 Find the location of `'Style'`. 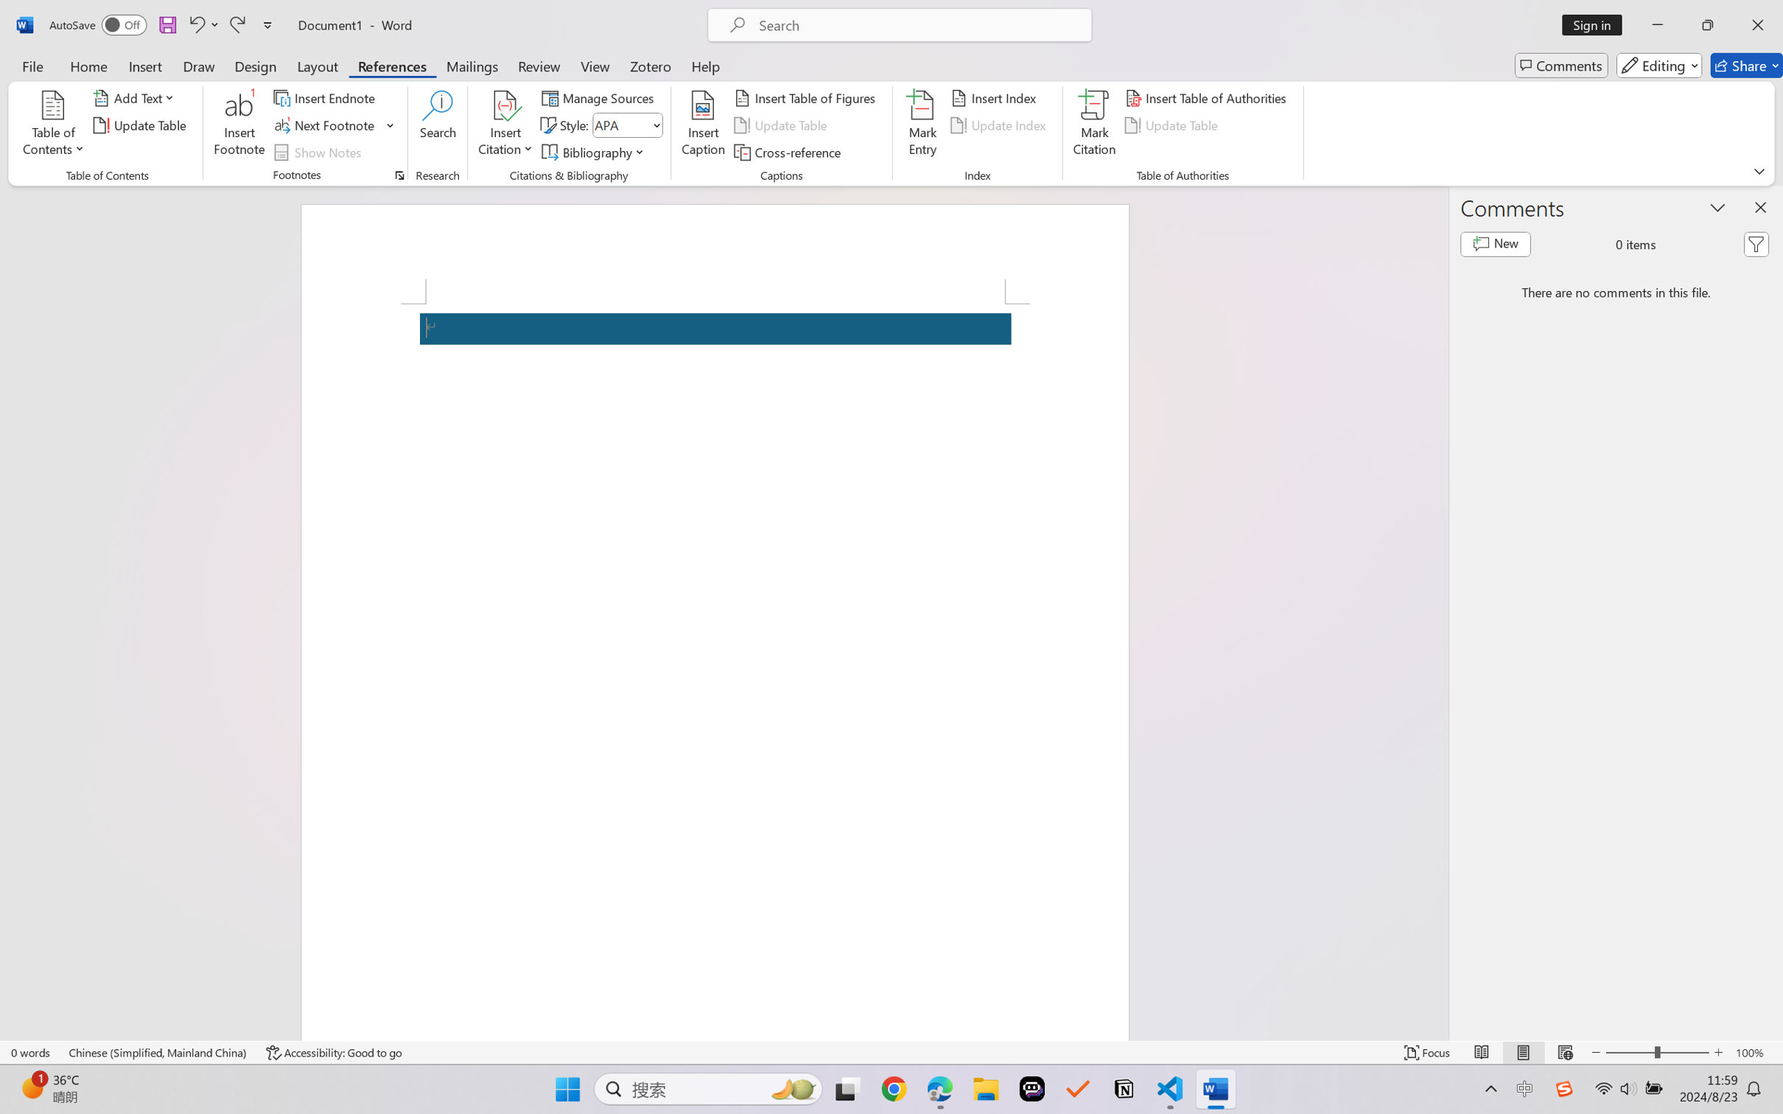

'Style' is located at coordinates (621, 124).